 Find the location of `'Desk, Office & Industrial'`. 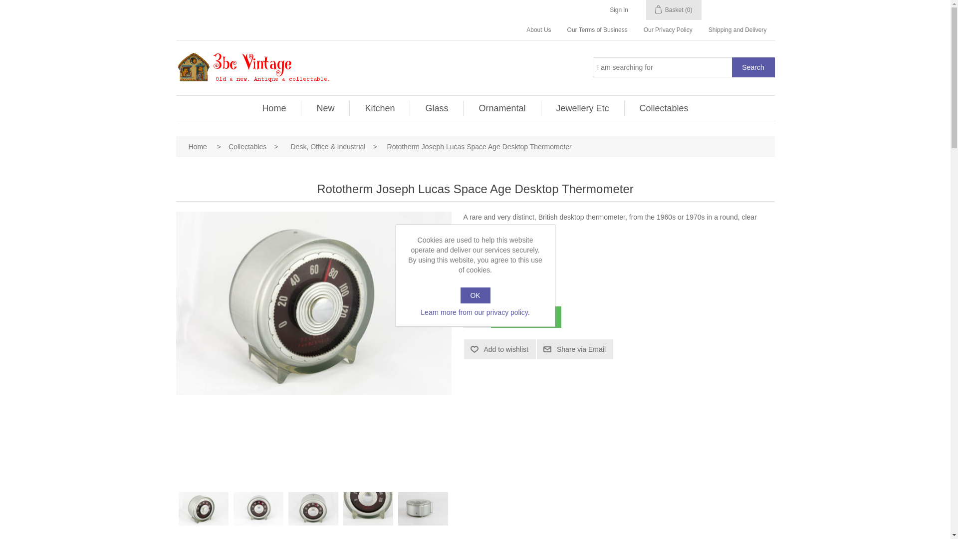

'Desk, Office & Industrial' is located at coordinates (328, 146).